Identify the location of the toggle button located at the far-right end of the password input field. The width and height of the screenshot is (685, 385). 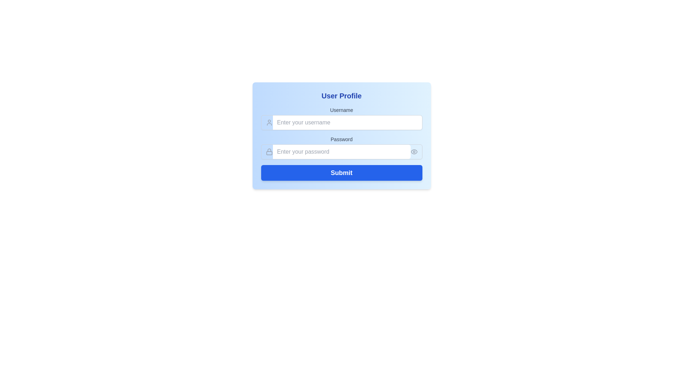
(416, 151).